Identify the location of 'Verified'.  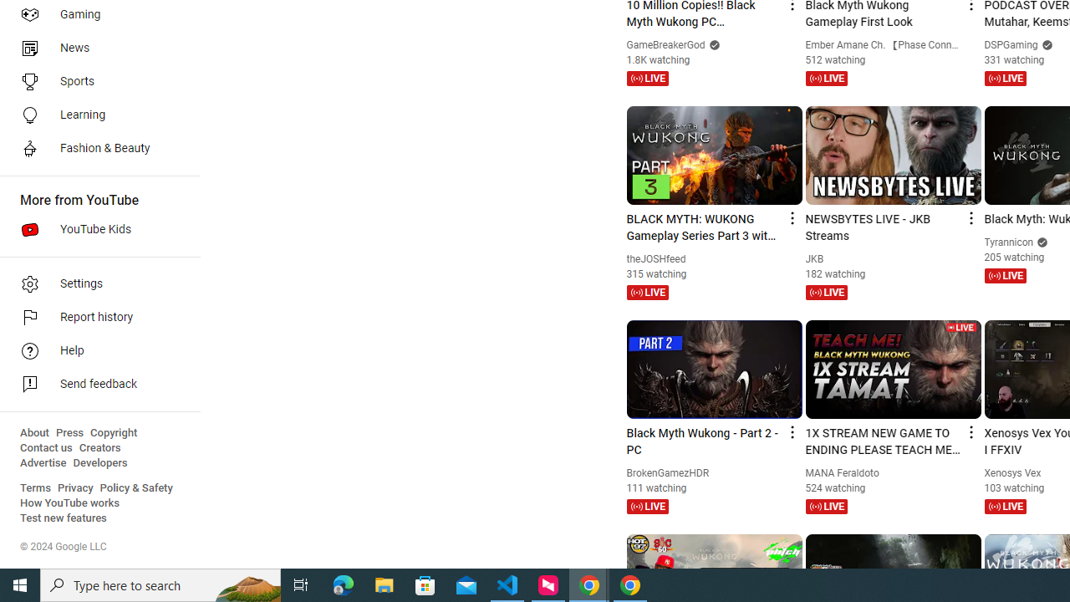
(1040, 242).